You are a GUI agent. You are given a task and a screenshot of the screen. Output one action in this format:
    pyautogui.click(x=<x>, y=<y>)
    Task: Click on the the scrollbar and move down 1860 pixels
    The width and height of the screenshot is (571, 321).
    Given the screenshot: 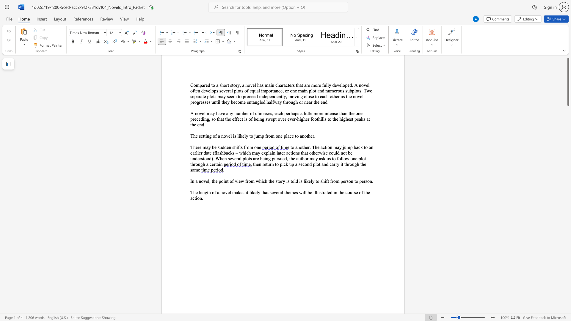 What is the action you would take?
    pyautogui.click(x=568, y=82)
    